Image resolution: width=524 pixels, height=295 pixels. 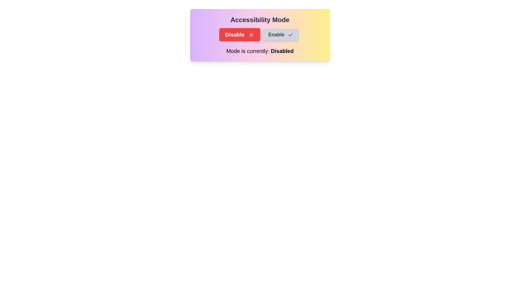 What do you see at coordinates (240, 35) in the screenshot?
I see `the Disable button to observe its hover effect` at bounding box center [240, 35].